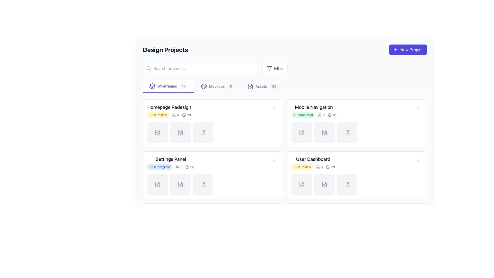  I want to click on the status represented by the Status Badge located in the bottom right quadrant of the User Dashboard card, under the card's title, next to a user icon and team member count, so click(302, 167).